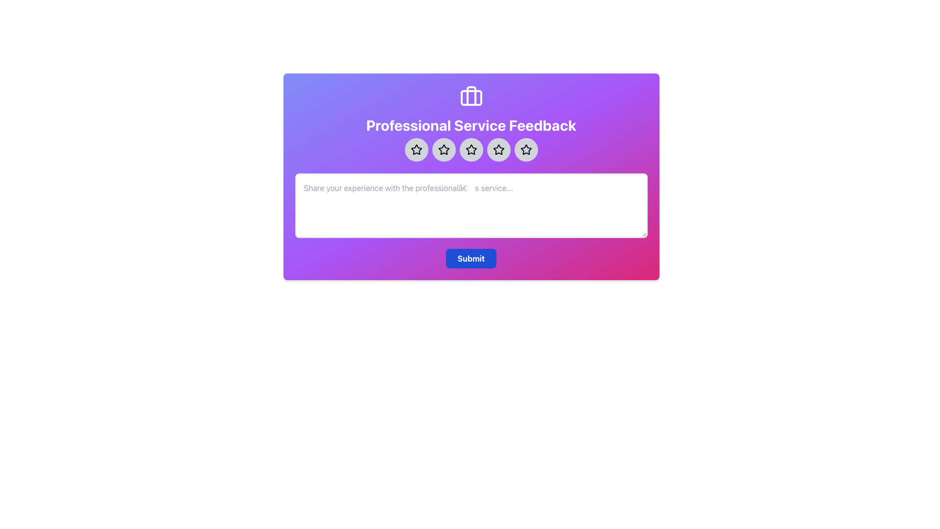 The height and width of the screenshot is (529, 940). What do you see at coordinates (471, 149) in the screenshot?
I see `the third star icon in the rating system` at bounding box center [471, 149].